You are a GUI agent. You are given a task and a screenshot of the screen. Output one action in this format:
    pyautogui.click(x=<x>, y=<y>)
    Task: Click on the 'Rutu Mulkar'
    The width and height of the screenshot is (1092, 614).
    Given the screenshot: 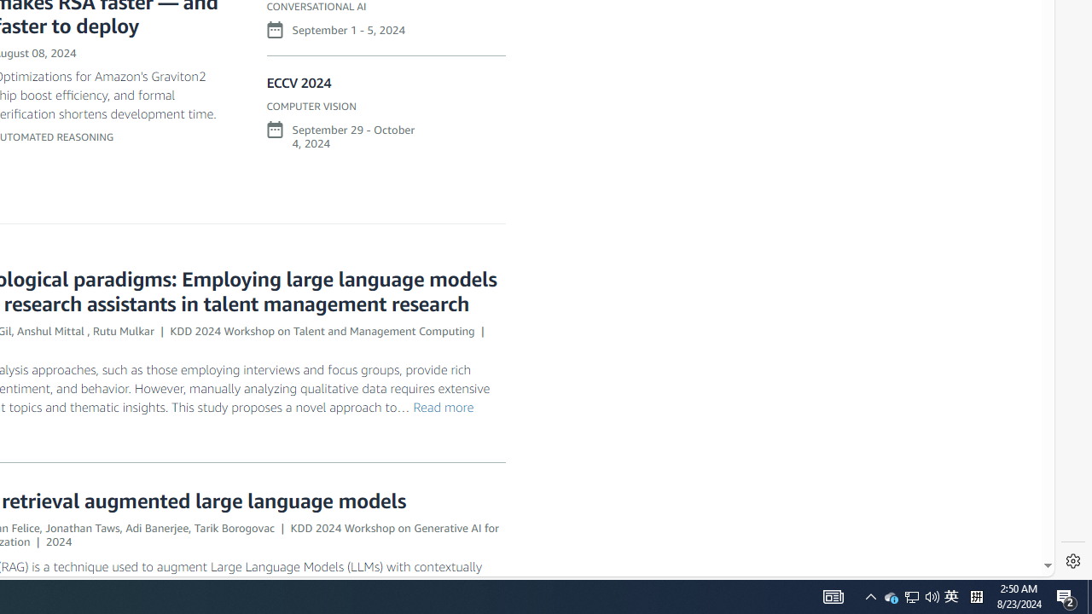 What is the action you would take?
    pyautogui.click(x=122, y=330)
    